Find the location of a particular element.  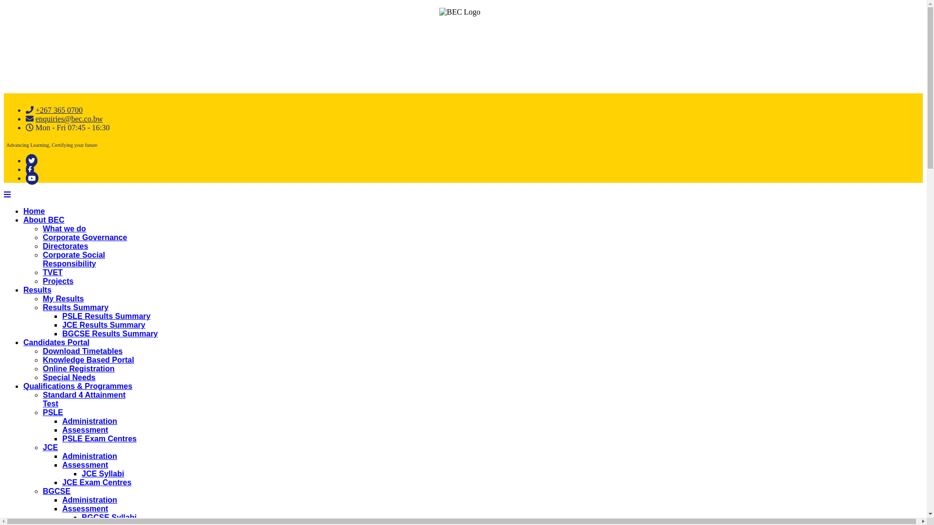

'Home' is located at coordinates (34, 210).